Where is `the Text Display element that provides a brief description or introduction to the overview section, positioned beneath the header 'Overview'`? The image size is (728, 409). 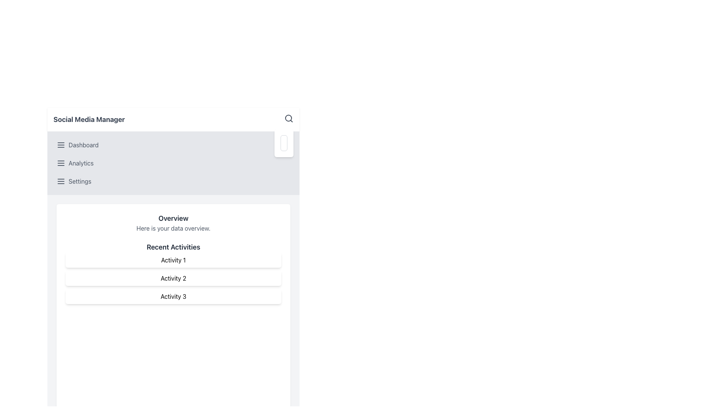
the Text Display element that provides a brief description or introduction to the overview section, positioned beneath the header 'Overview' is located at coordinates (173, 228).